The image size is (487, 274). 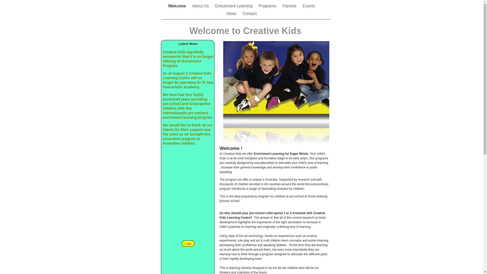 What do you see at coordinates (303, 6) in the screenshot?
I see `'Events'` at bounding box center [303, 6].